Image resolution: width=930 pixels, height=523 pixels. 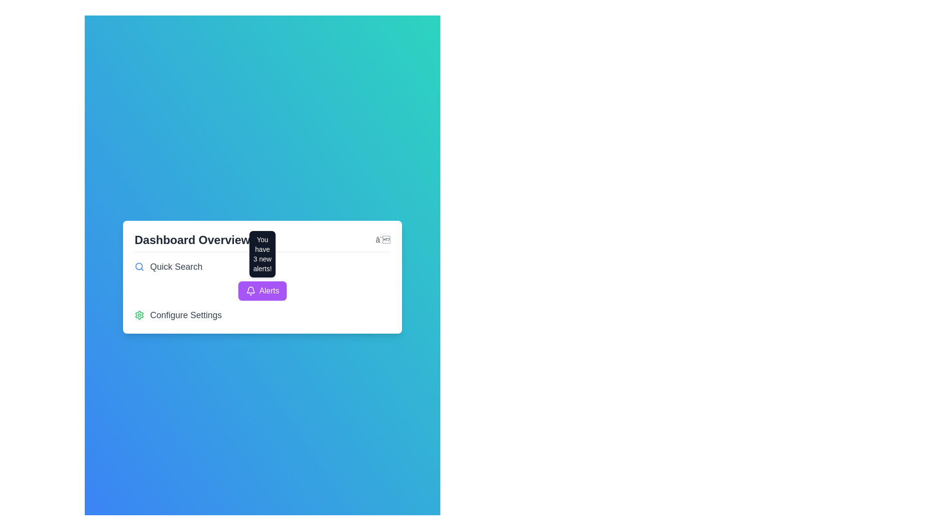 I want to click on the Text label that serves as a heading or title, positioned on the left-hand side of the header-like structure above the central content, so click(x=192, y=240).